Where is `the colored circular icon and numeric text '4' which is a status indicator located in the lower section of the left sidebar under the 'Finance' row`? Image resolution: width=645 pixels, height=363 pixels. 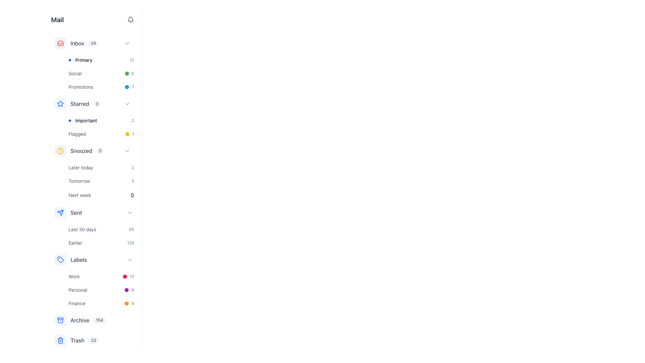
the colored circular icon and numeric text '4' which is a status indicator located in the lower section of the left sidebar under the 'Finance' row is located at coordinates (129, 303).